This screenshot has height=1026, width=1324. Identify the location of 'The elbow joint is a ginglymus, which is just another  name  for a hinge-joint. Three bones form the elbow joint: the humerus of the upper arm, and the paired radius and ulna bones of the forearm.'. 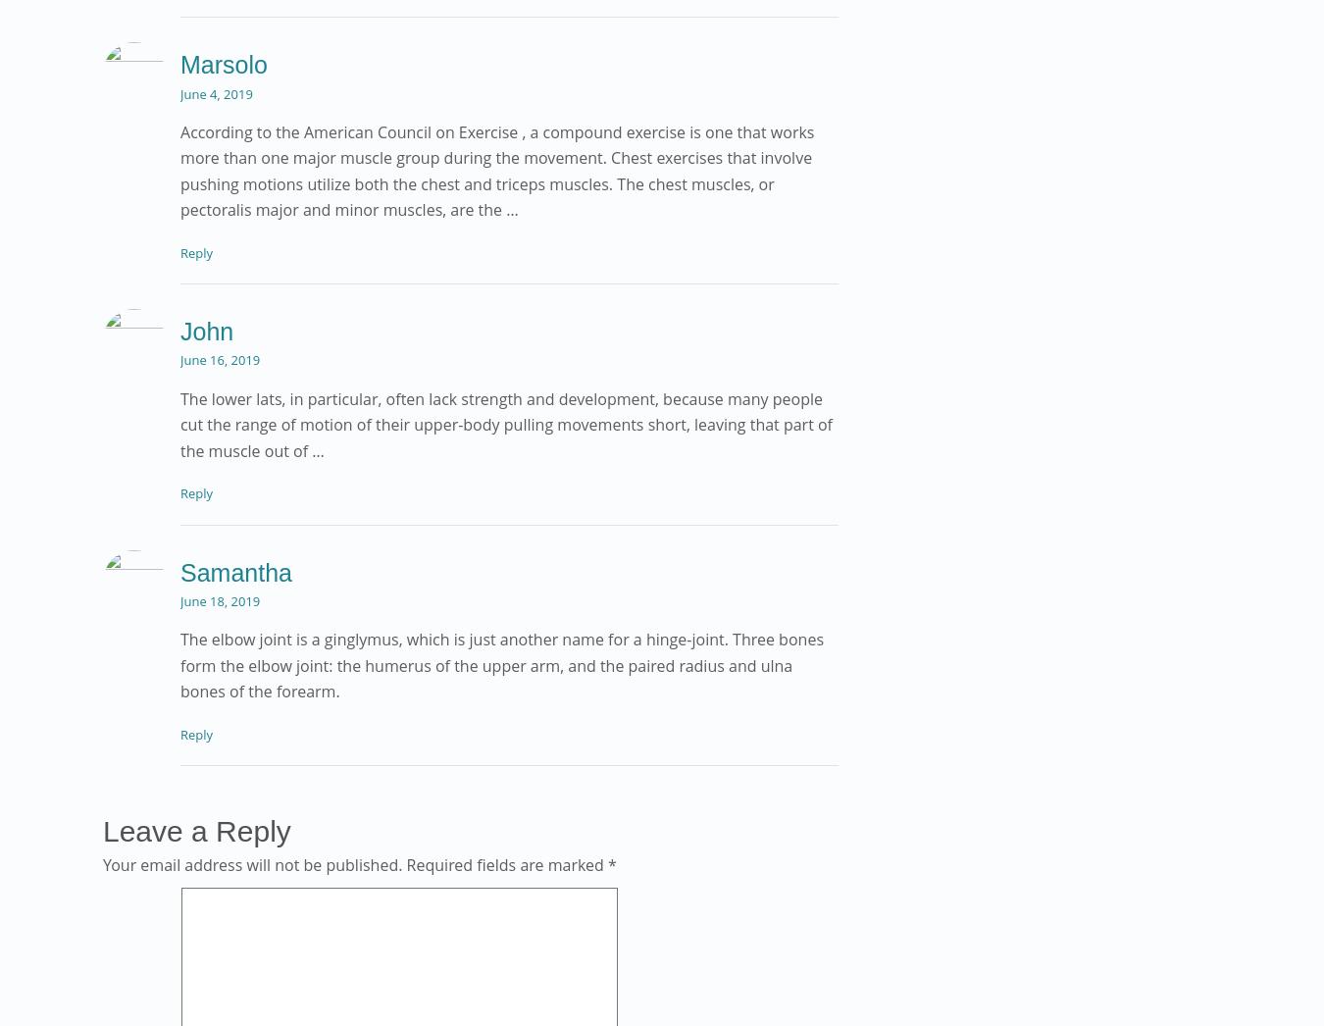
(180, 664).